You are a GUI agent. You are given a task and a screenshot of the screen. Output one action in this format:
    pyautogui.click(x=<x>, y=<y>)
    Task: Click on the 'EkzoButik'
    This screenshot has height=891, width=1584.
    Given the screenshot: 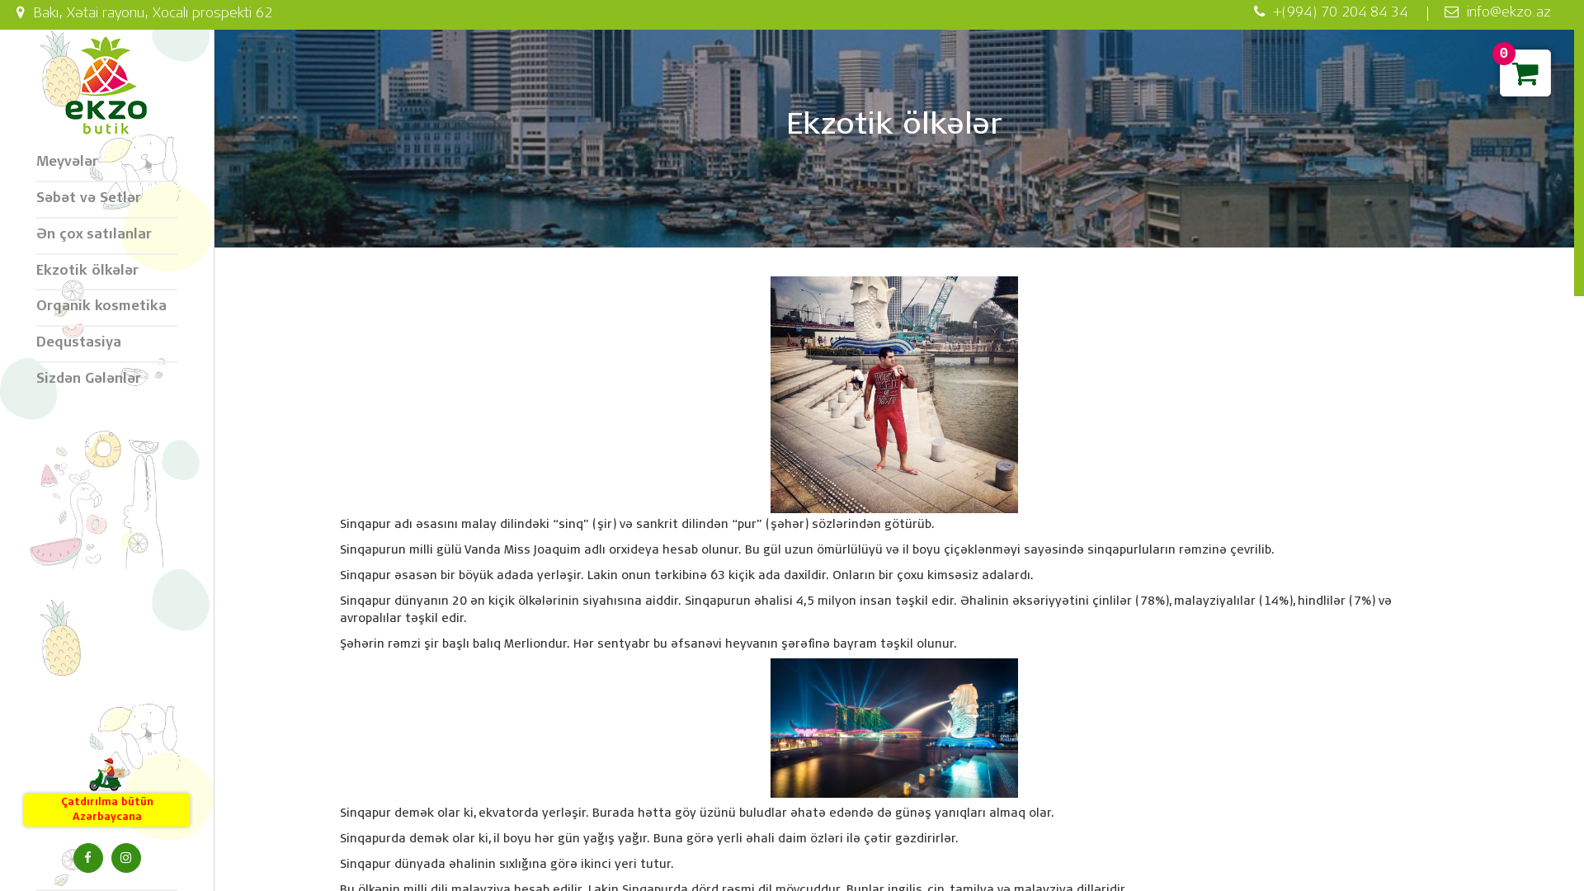 What is the action you would take?
    pyautogui.click(x=106, y=86)
    